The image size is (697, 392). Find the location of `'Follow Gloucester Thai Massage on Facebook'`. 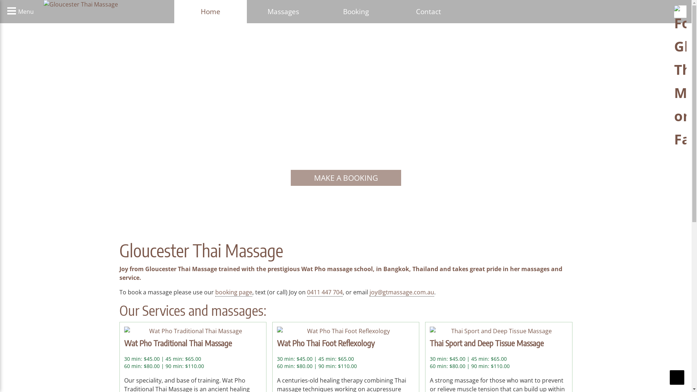

'Follow Gloucester Thai Massage on Facebook' is located at coordinates (680, 11).